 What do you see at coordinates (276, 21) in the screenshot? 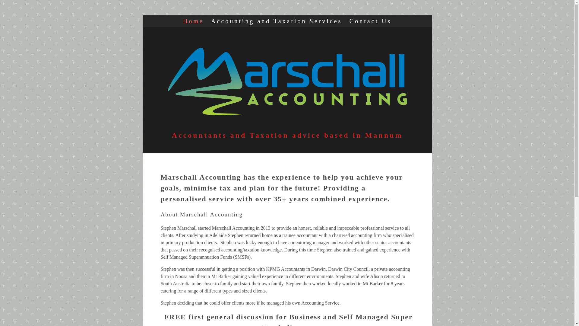
I see `'Accounting and Taxation Services'` at bounding box center [276, 21].